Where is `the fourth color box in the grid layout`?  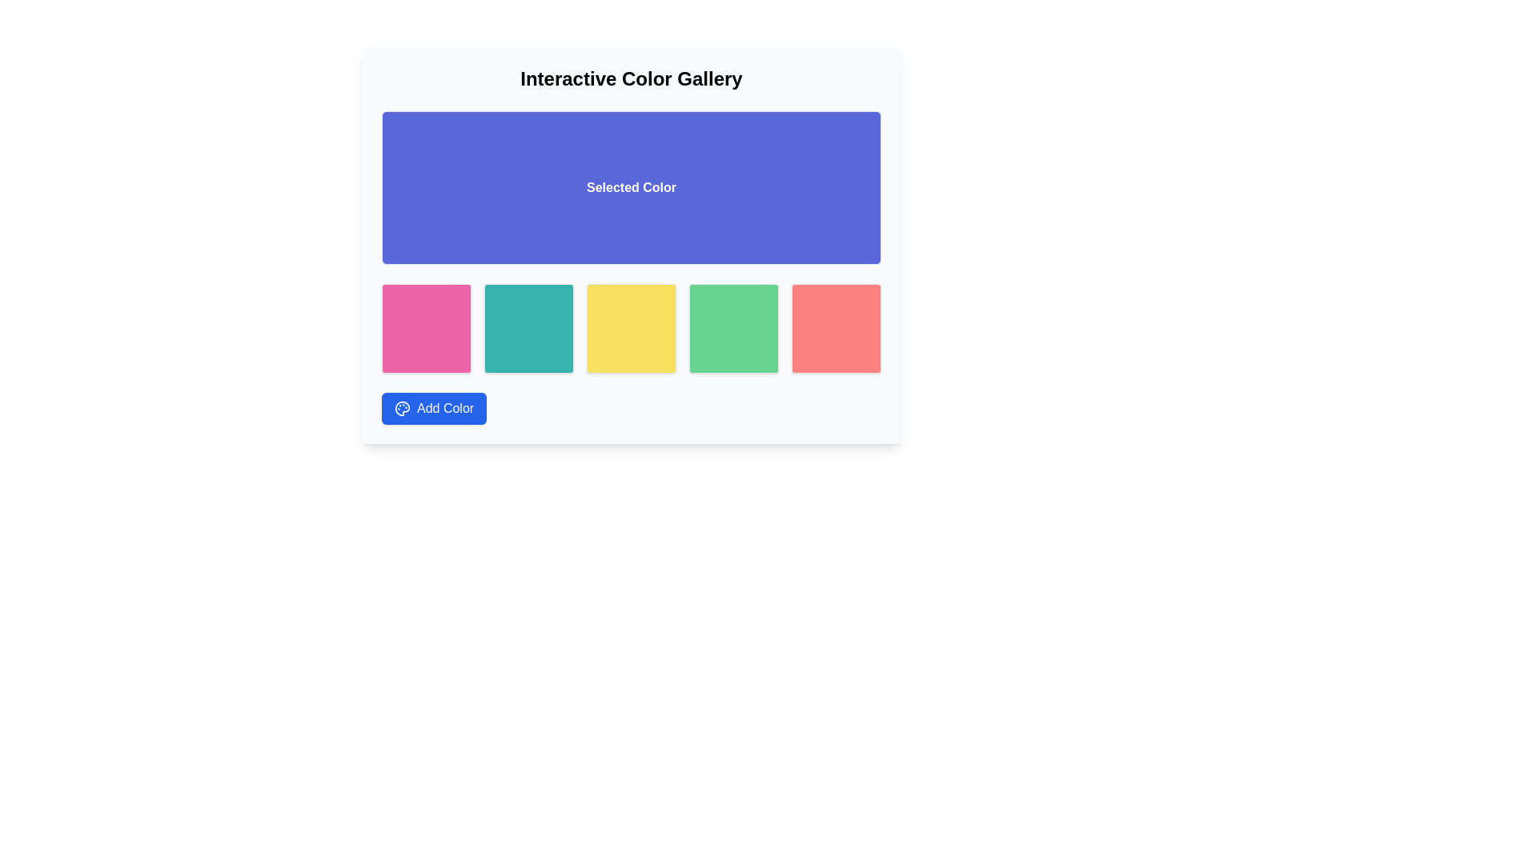 the fourth color box in the grid layout is located at coordinates (732, 328).